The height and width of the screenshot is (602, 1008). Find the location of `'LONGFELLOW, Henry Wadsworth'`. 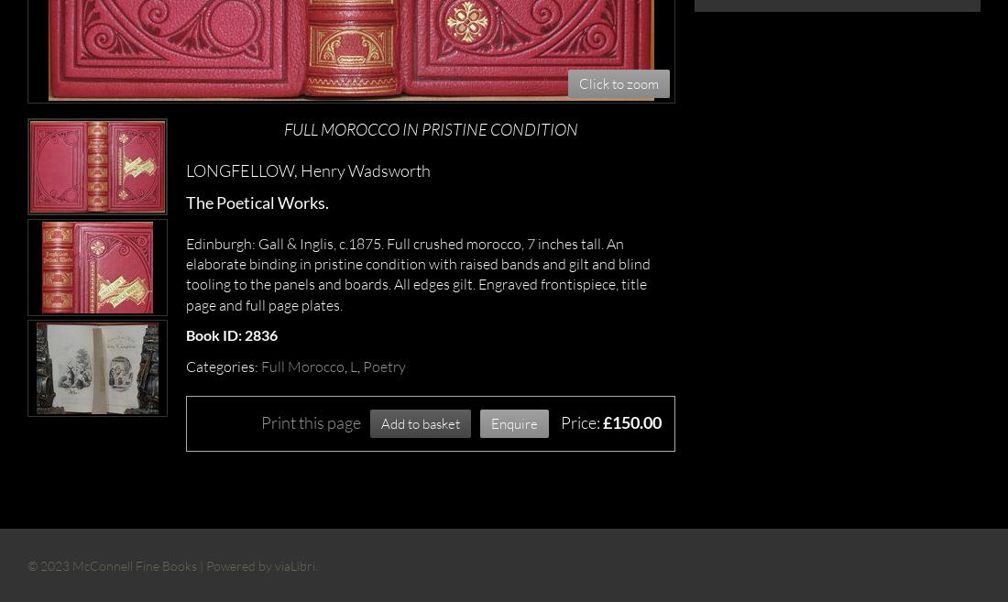

'LONGFELLOW, Henry Wadsworth' is located at coordinates (307, 170).